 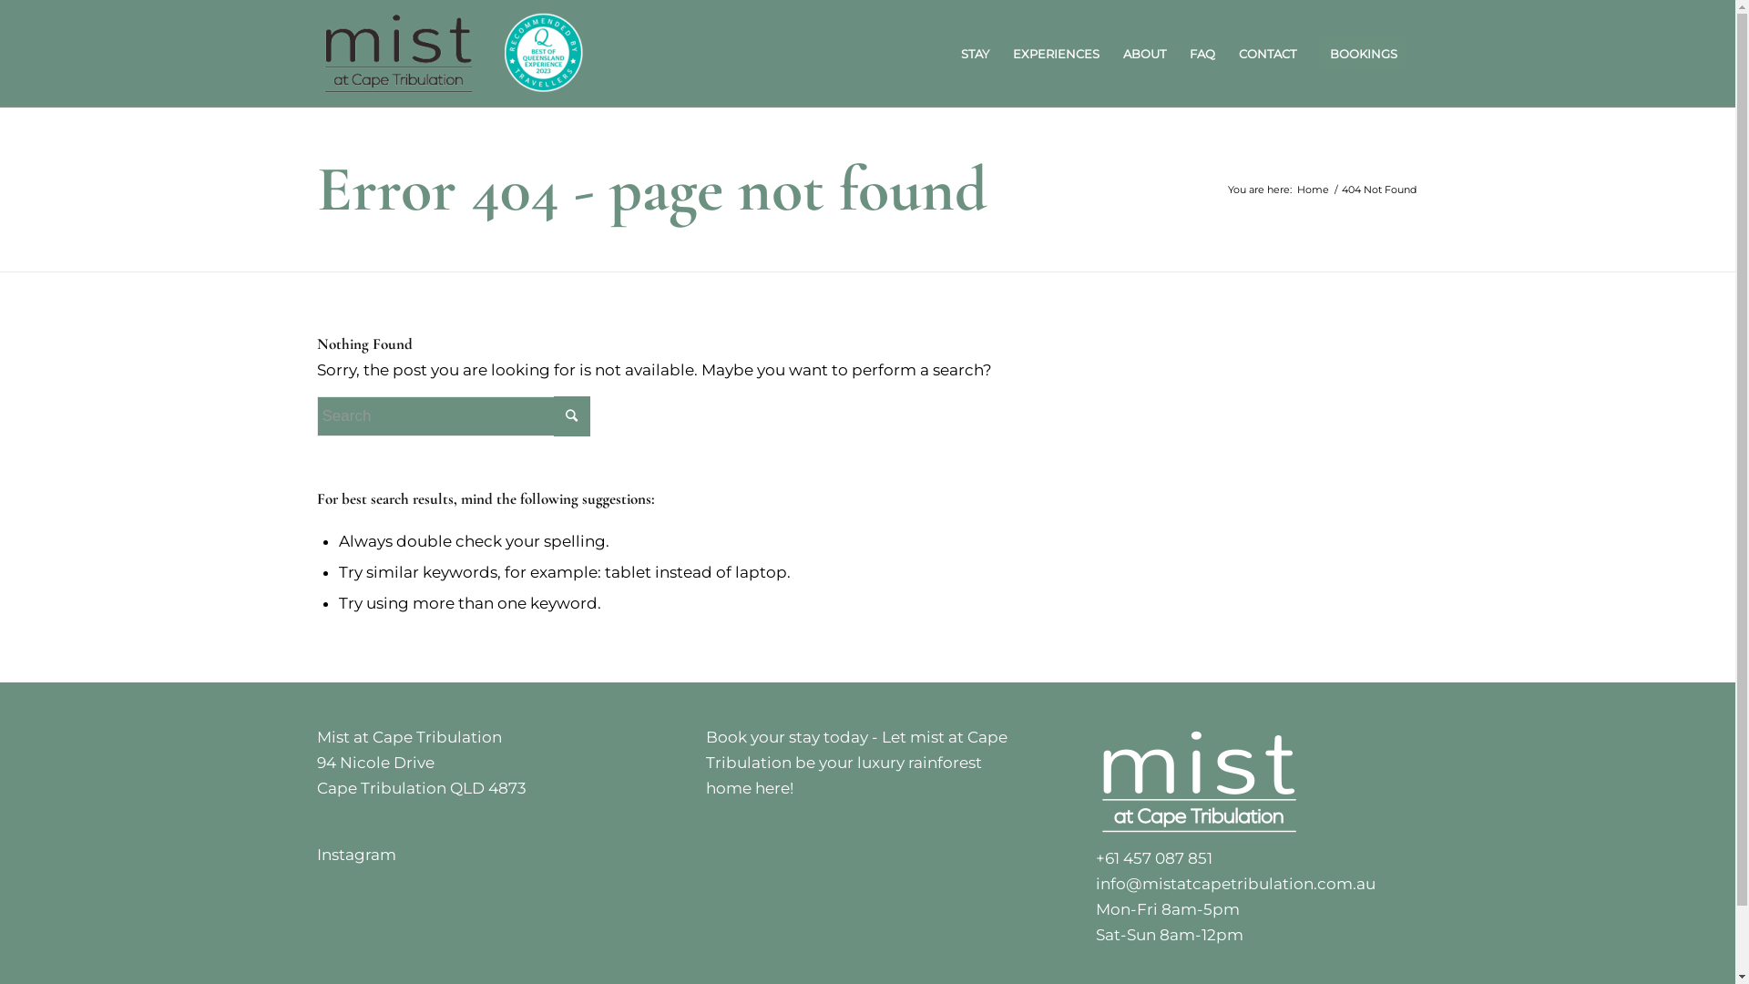 I want to click on 'FAQ', so click(x=1202, y=52).